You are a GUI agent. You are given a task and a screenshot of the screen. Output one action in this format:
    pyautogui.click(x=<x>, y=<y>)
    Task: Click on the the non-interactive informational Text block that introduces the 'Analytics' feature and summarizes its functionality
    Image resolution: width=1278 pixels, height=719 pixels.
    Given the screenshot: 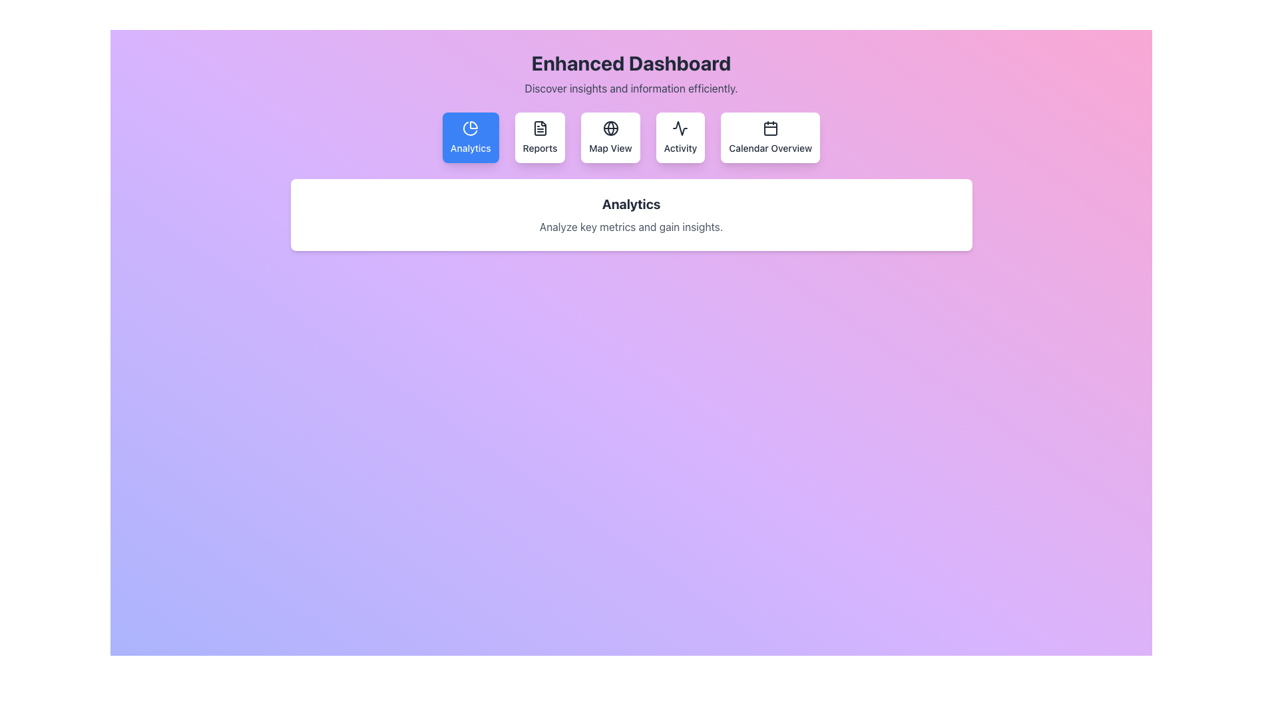 What is the action you would take?
    pyautogui.click(x=630, y=214)
    